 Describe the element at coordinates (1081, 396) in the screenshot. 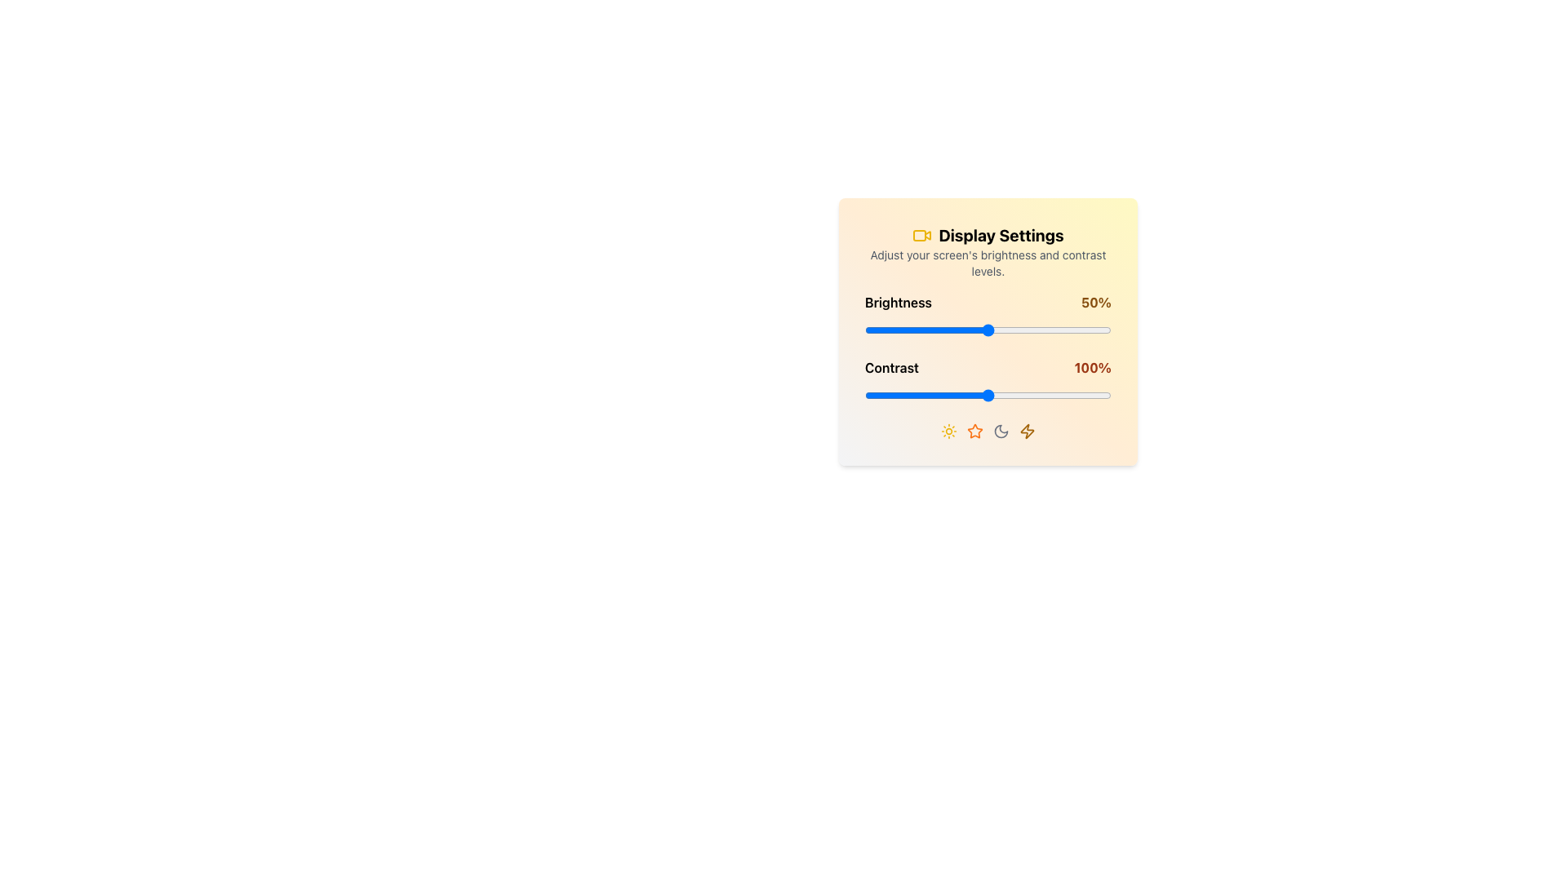

I see `the contrast level` at that location.